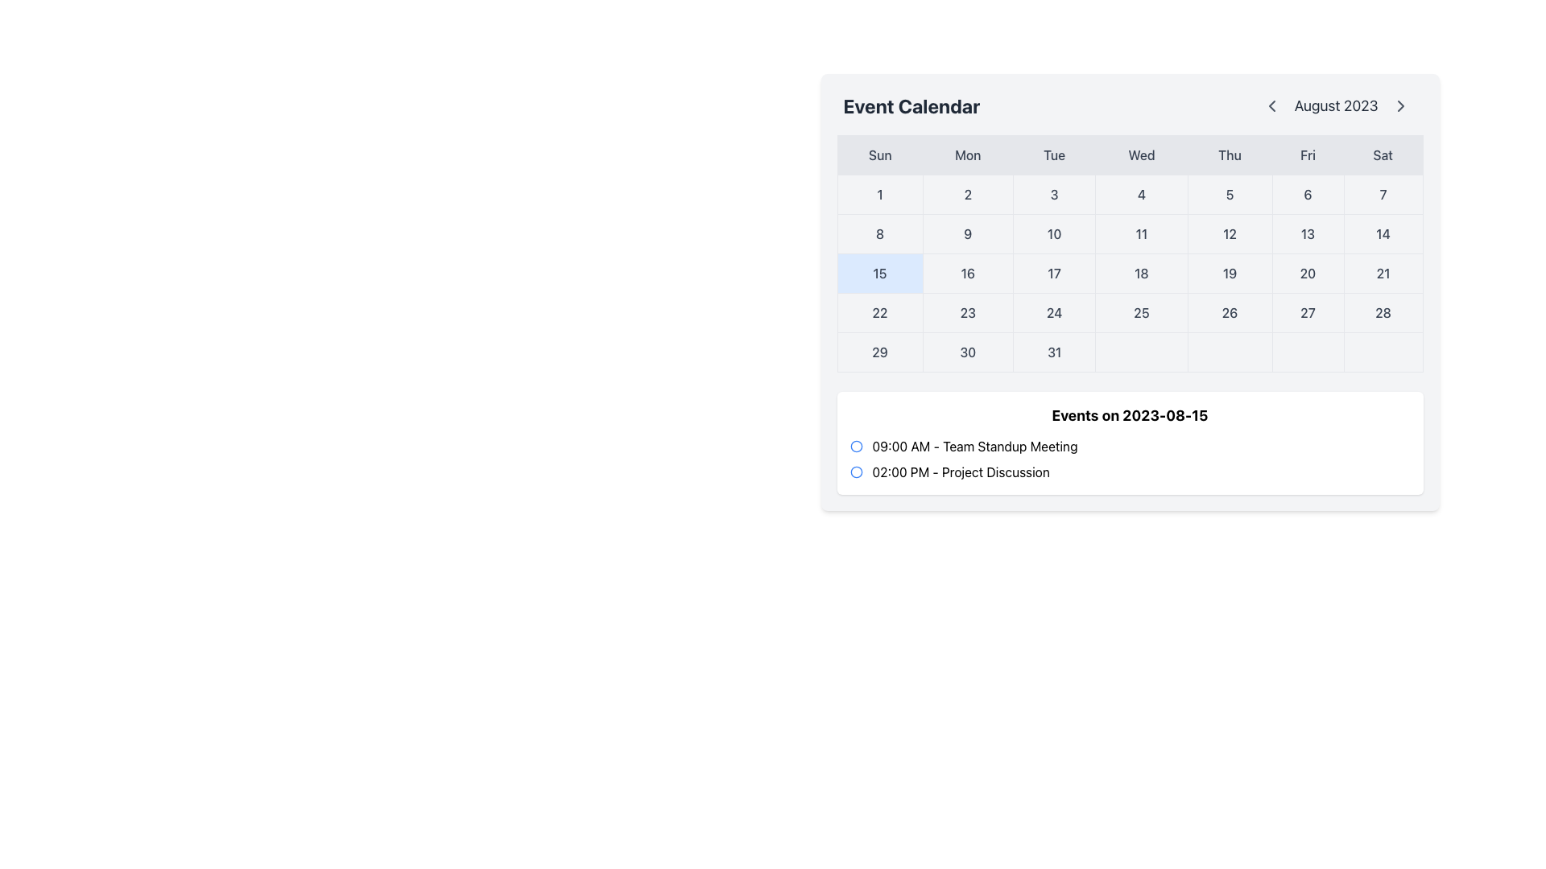 This screenshot has height=869, width=1546. What do you see at coordinates (1229, 272) in the screenshot?
I see `the static text display element showing the number '19', located in the Thursday column of the calendar grid` at bounding box center [1229, 272].